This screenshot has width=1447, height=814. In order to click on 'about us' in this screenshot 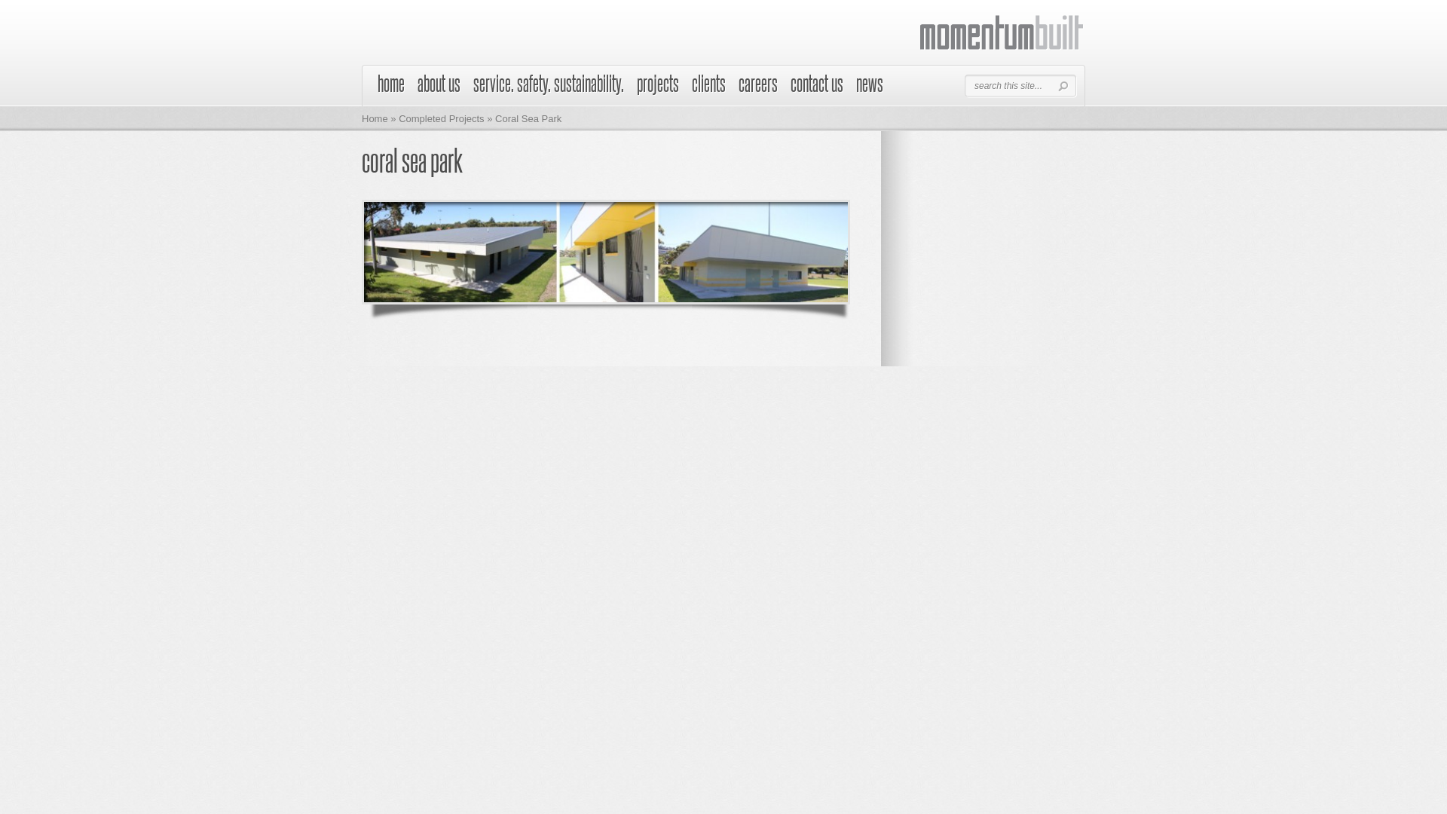, I will do `click(438, 89)`.